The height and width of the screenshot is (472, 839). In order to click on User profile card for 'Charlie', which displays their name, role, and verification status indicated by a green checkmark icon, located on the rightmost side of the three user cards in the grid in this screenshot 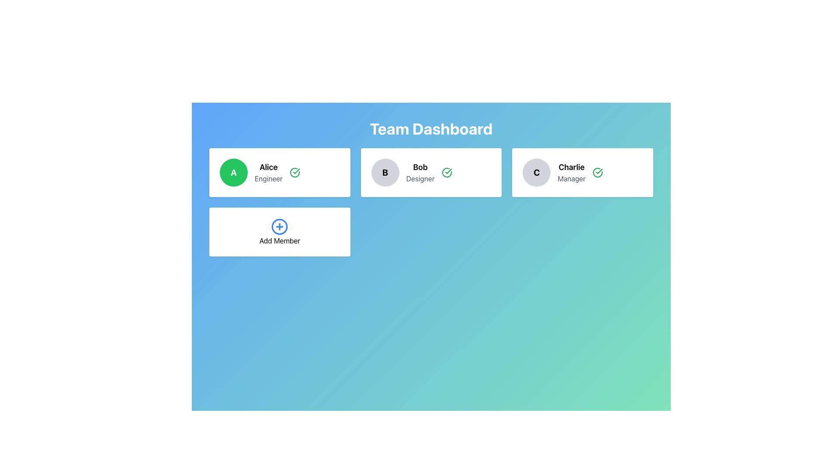, I will do `click(582, 172)`.